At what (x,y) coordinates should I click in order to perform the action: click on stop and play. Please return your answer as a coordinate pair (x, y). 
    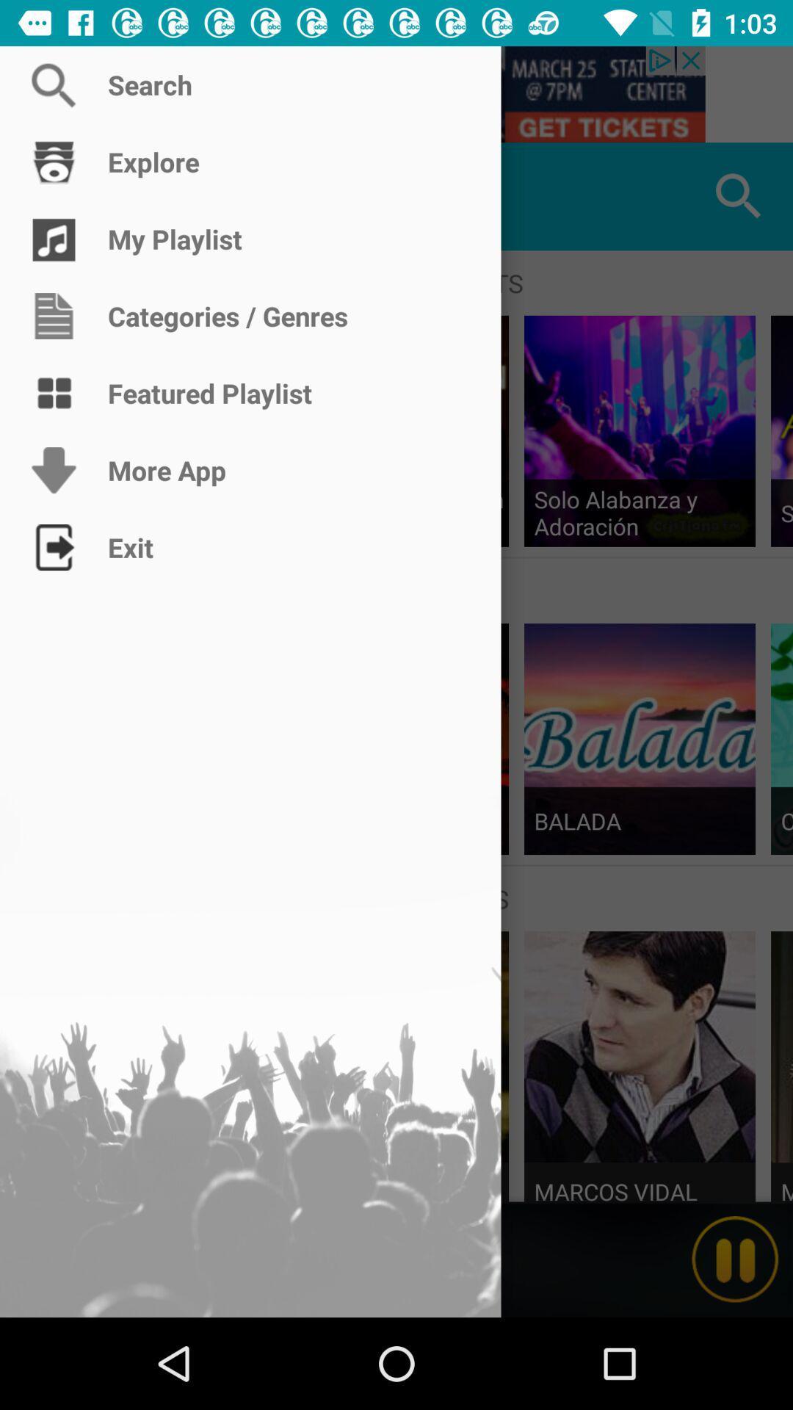
    Looking at the image, I should click on (735, 1259).